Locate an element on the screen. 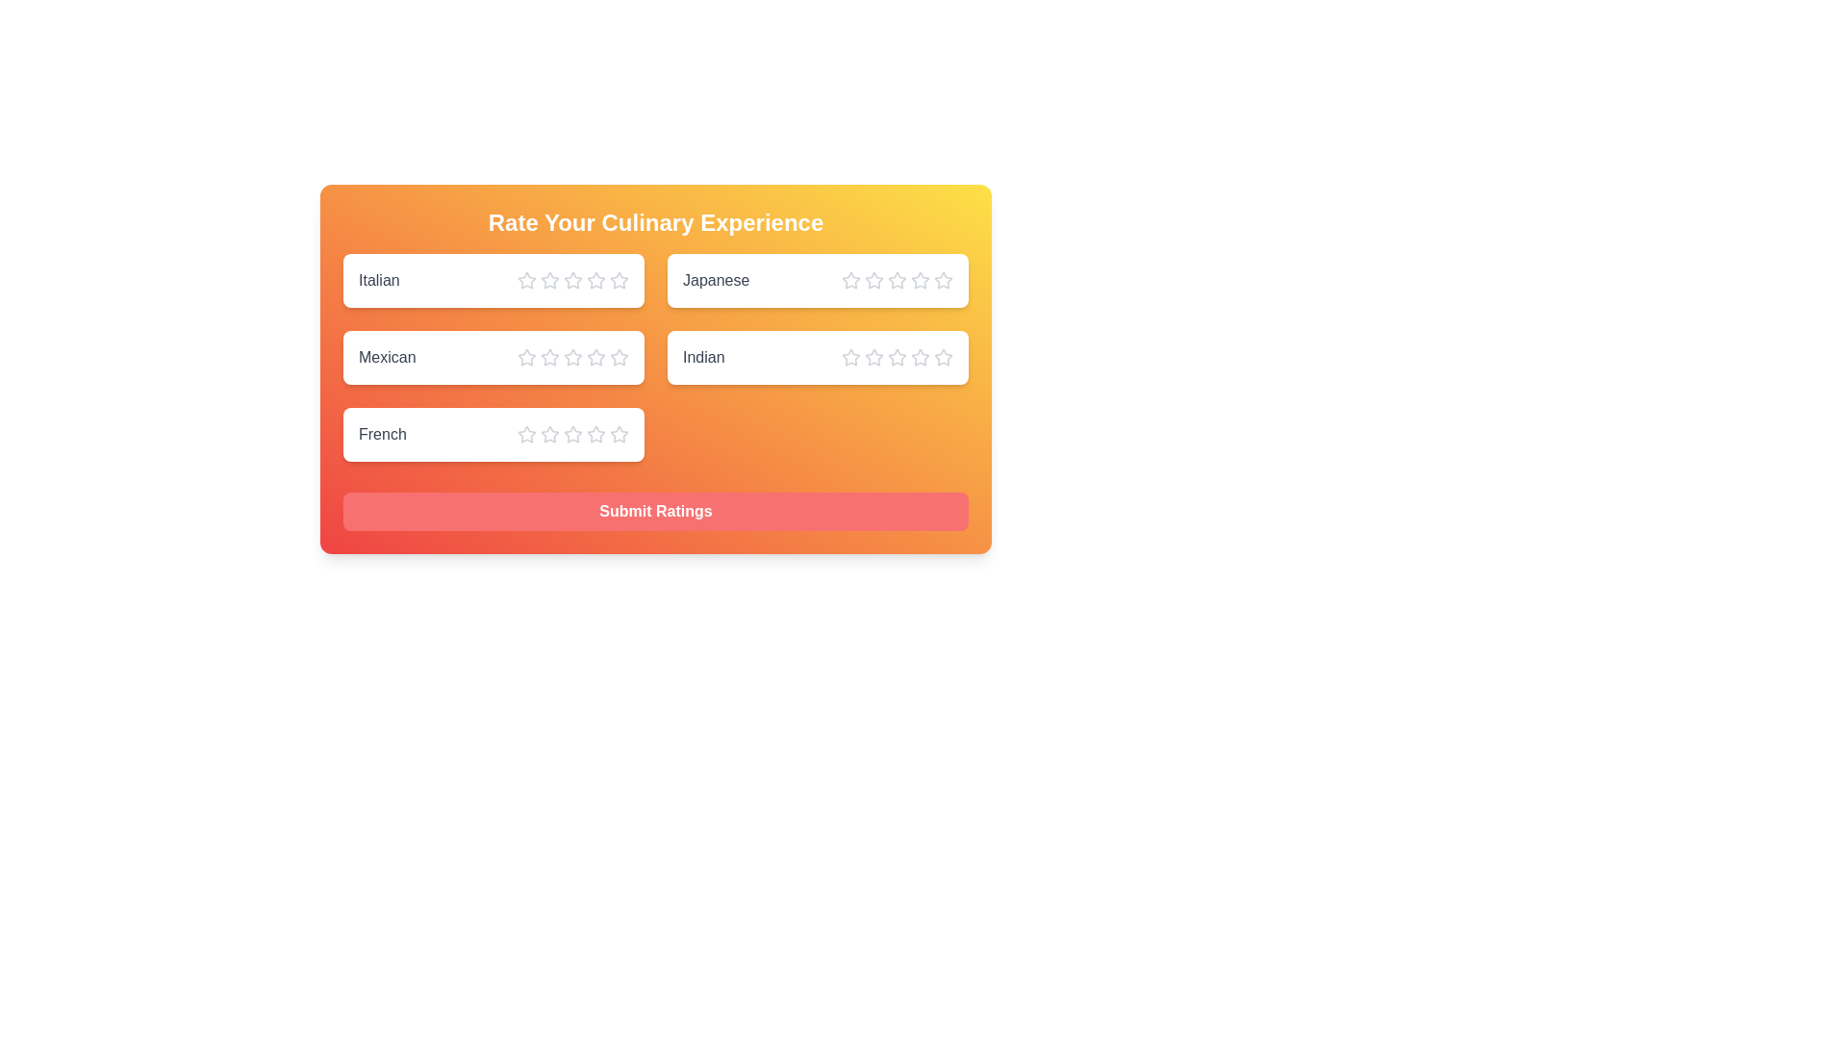  the star corresponding to the rating 2 for the cuisine Italian is located at coordinates (548, 281).